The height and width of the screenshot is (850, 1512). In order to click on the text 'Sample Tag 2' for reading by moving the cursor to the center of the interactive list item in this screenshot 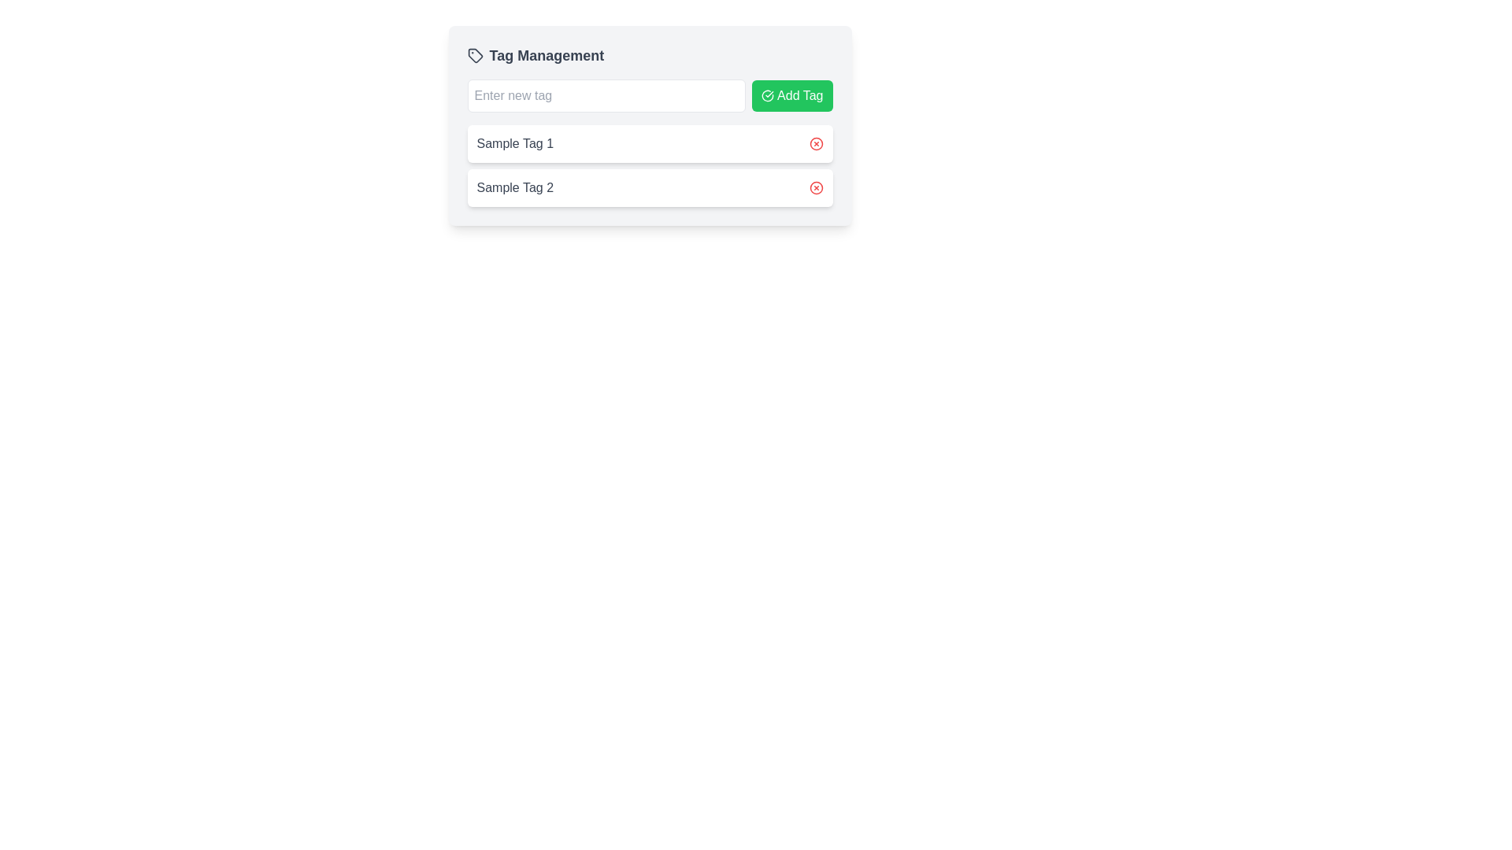, I will do `click(650, 187)`.